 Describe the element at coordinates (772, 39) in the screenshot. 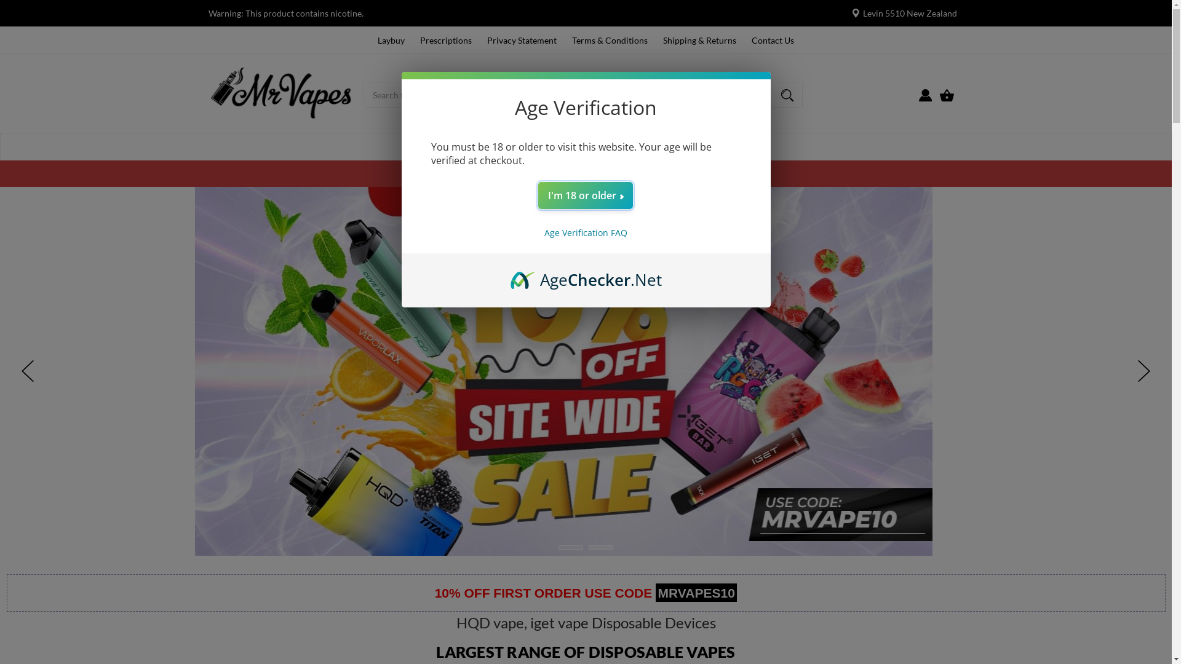

I see `'Contact Us'` at that location.